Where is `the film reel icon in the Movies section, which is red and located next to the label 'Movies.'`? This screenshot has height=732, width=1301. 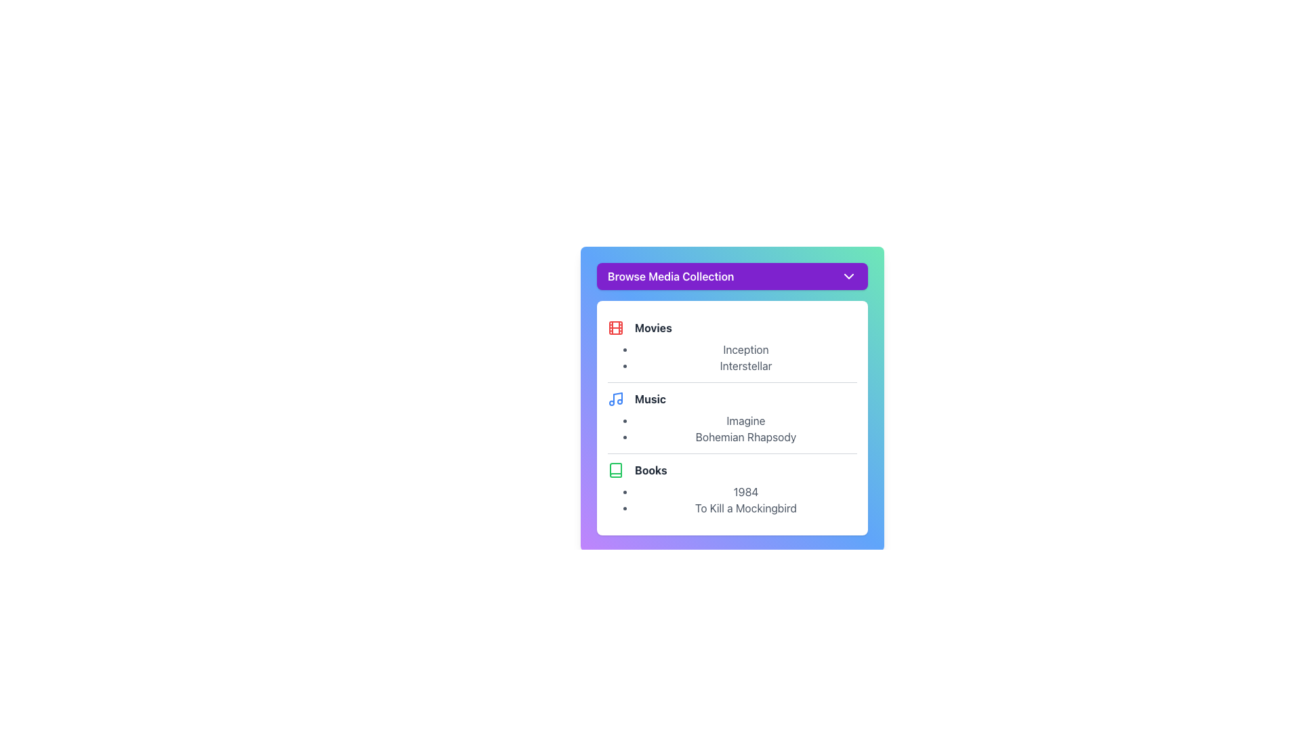
the film reel icon in the Movies section, which is red and located next to the label 'Movies.' is located at coordinates (615, 327).